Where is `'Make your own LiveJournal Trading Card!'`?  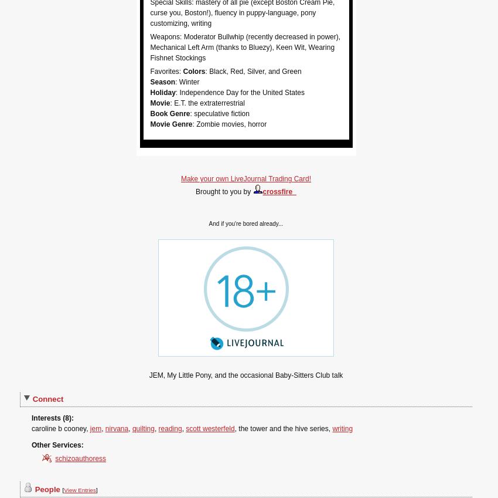
'Make your own LiveJournal Trading Card!' is located at coordinates (180, 178).